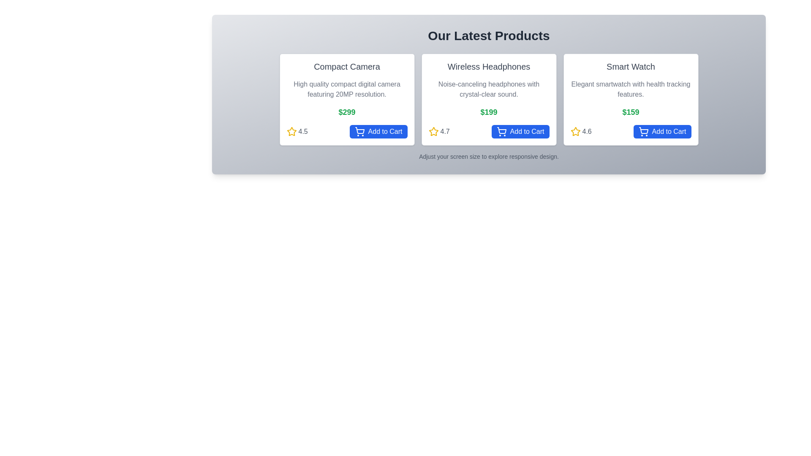 The width and height of the screenshot is (811, 456). What do you see at coordinates (580, 132) in the screenshot?
I see `the product rating element, which consists of a star graphic and numeric feedback value, located in the third card above the 'Add to Cart' button and under the price text ($159)` at bounding box center [580, 132].